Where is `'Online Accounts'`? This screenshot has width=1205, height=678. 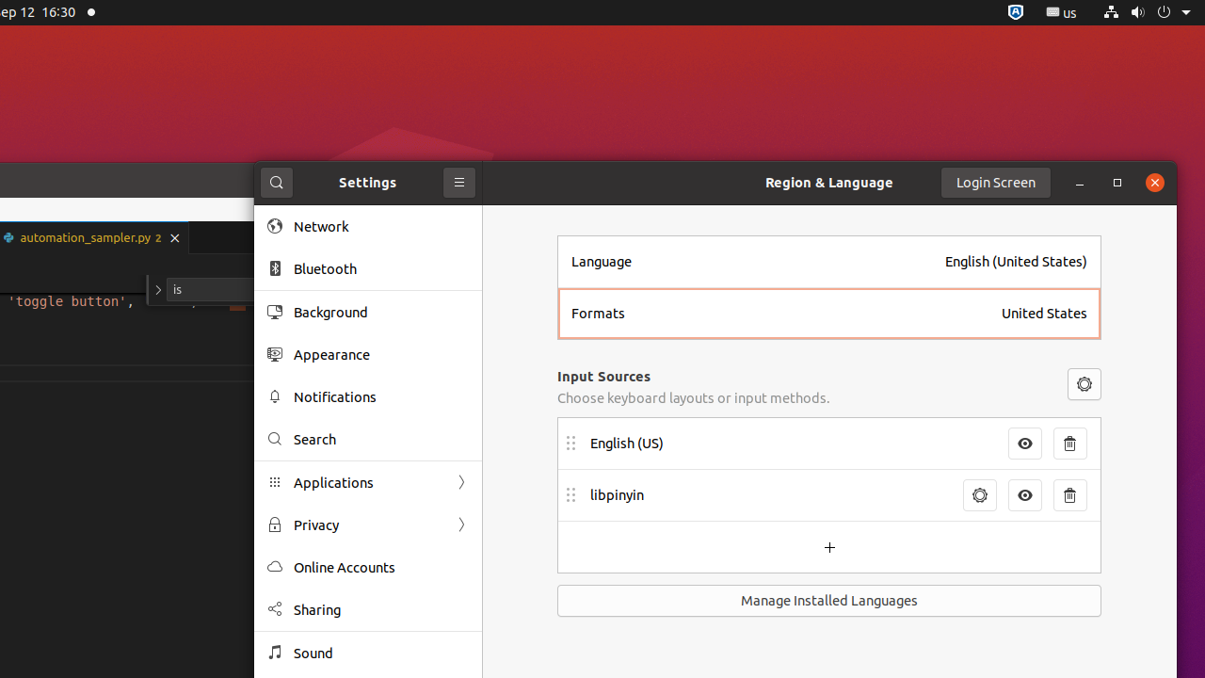
'Online Accounts' is located at coordinates (379, 566).